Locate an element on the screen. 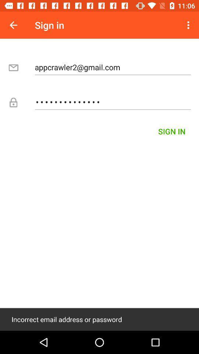 The height and width of the screenshot is (354, 199). item above appcrawler2@gmail.com is located at coordinates (189, 25).